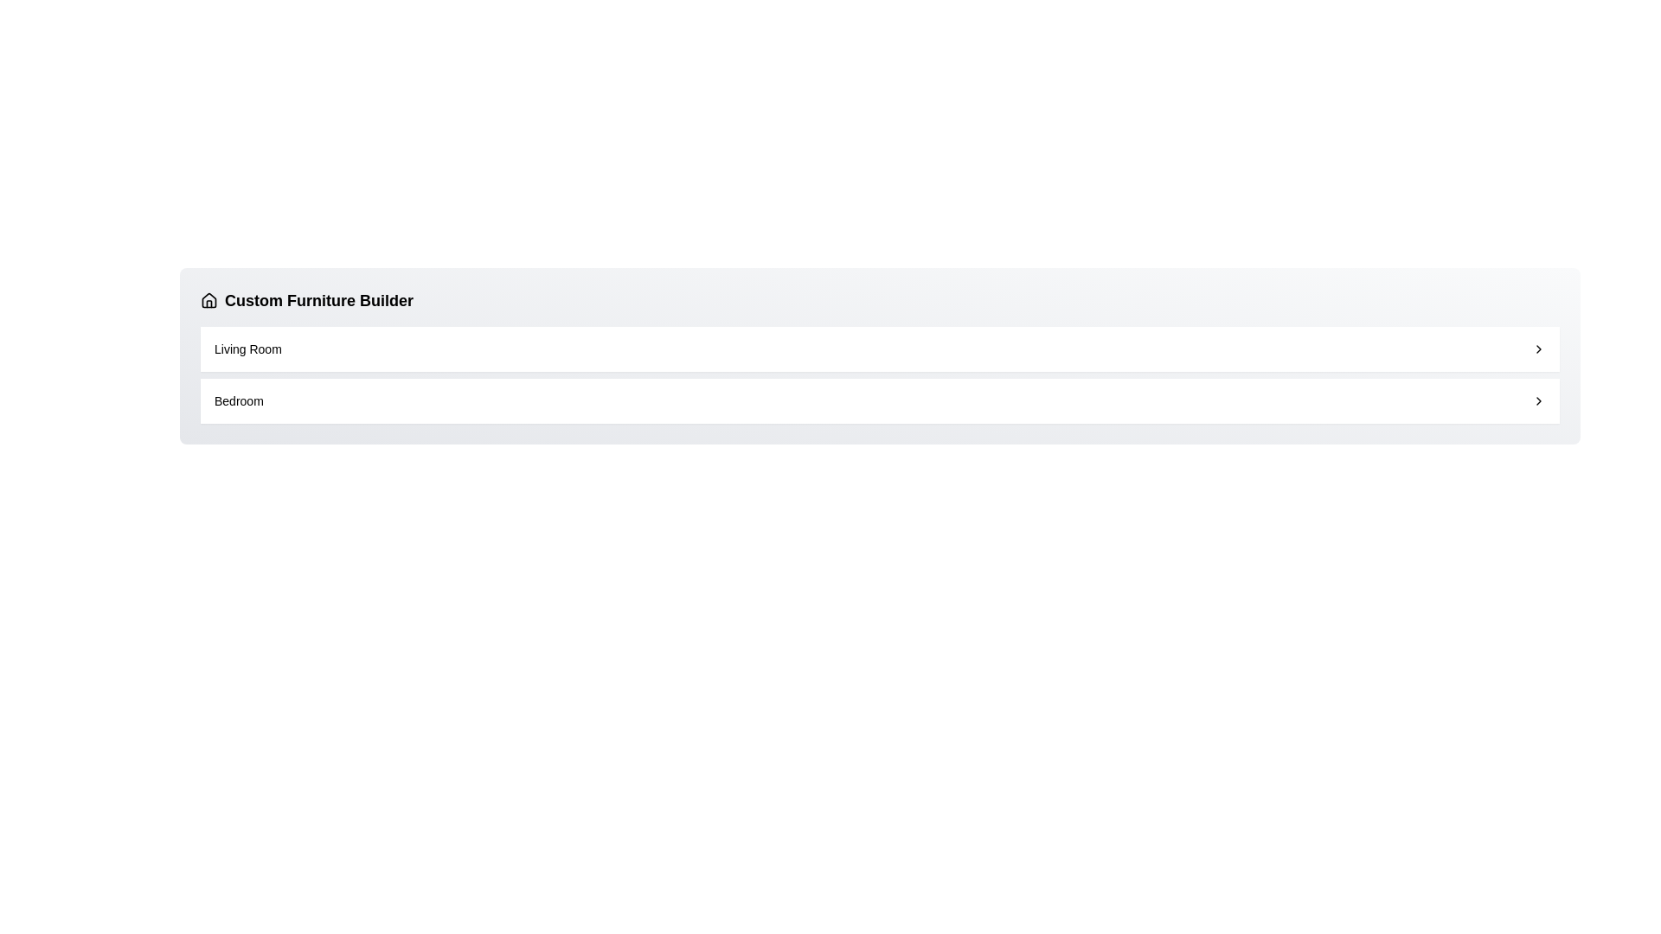 This screenshot has height=934, width=1661. I want to click on the right-pointing chevron SVG icon located on the far right of the 'Living Room' bar, so click(1539, 349).